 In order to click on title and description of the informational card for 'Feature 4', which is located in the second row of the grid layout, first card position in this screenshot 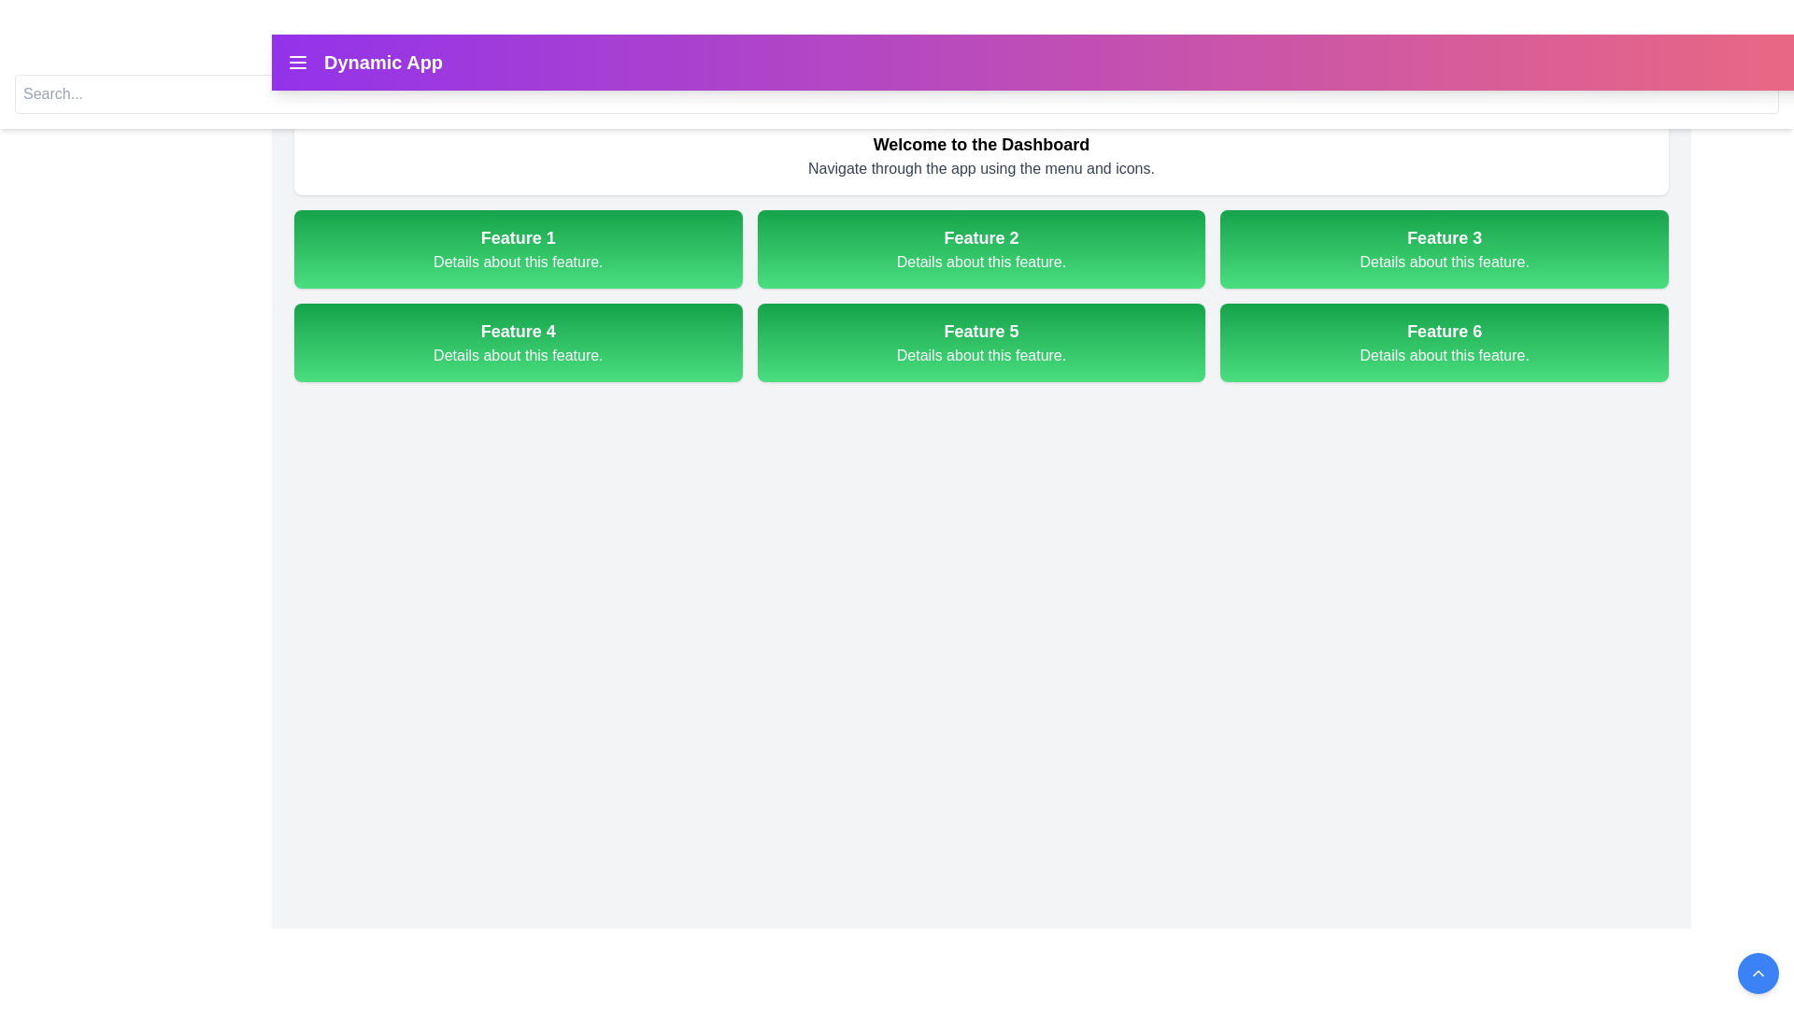, I will do `click(518, 342)`.